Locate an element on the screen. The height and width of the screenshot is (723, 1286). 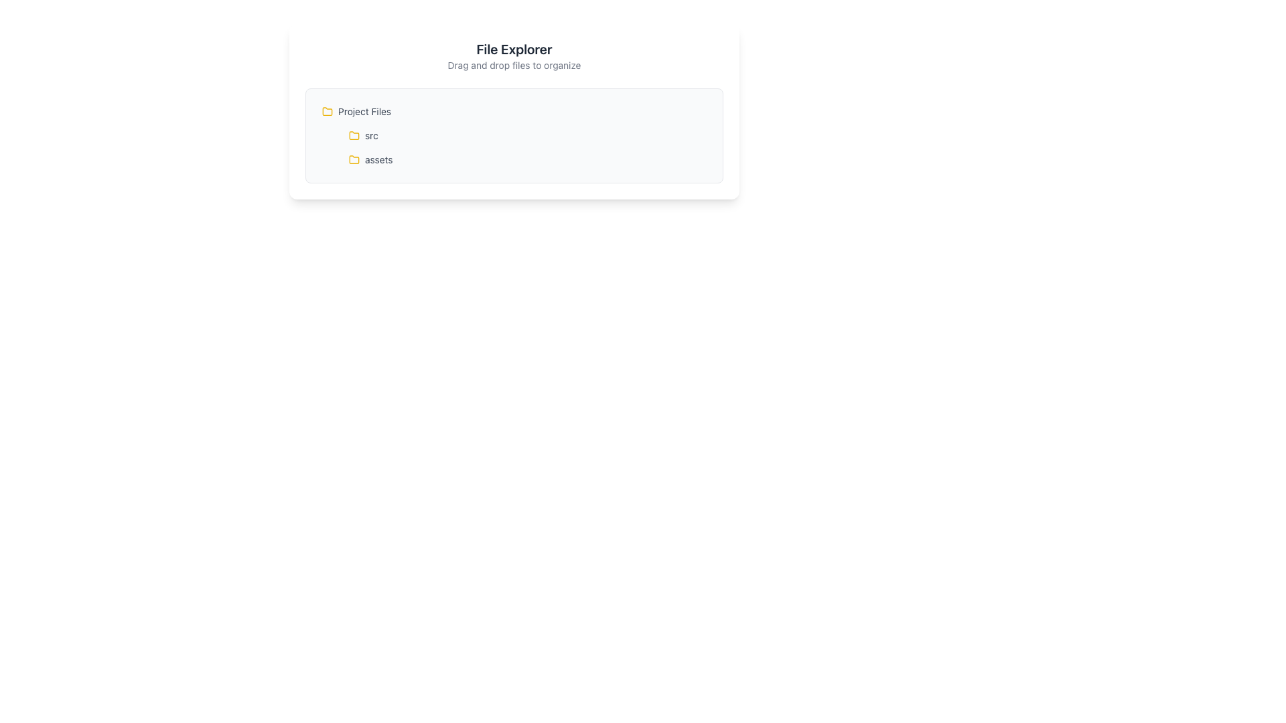
the small folder icon with a yellowish hue located to the left of the 'Project Files' label, which is the first element in the group 'flex items-center flex-1 space-x-2' is located at coordinates (328, 110).